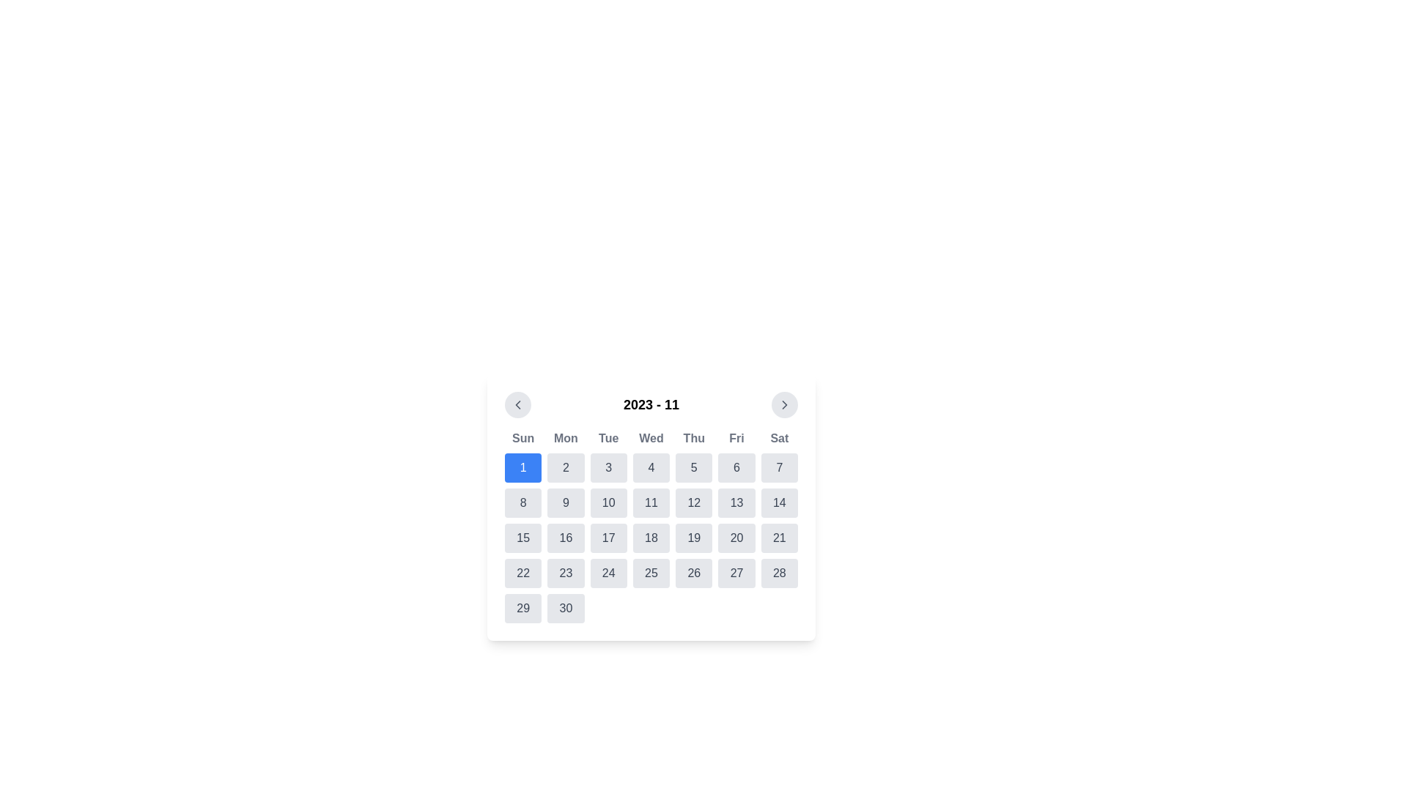 This screenshot has height=791, width=1407. What do you see at coordinates (523, 573) in the screenshot?
I see `the selectable day button representing the 22nd day of the month in the calendar` at bounding box center [523, 573].